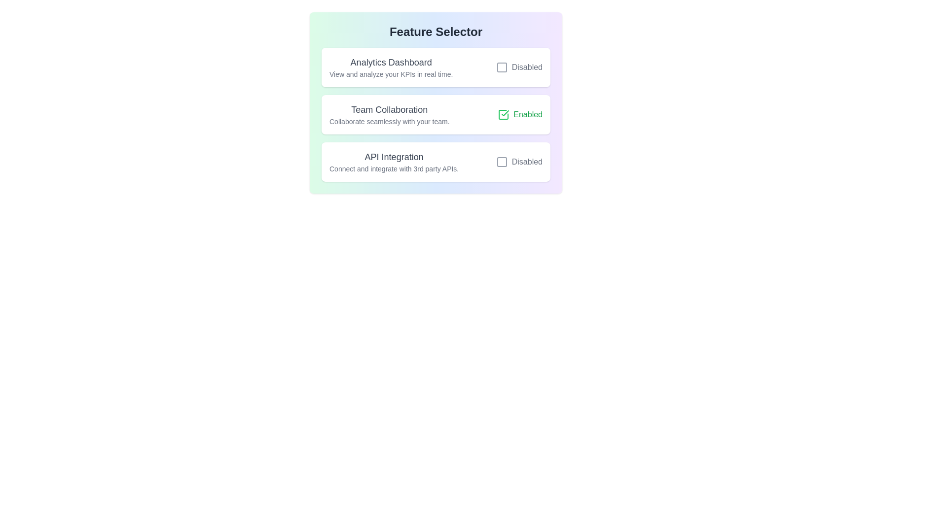 Image resolution: width=947 pixels, height=532 pixels. I want to click on the title of a feature to select or copy its text, so click(390, 63).